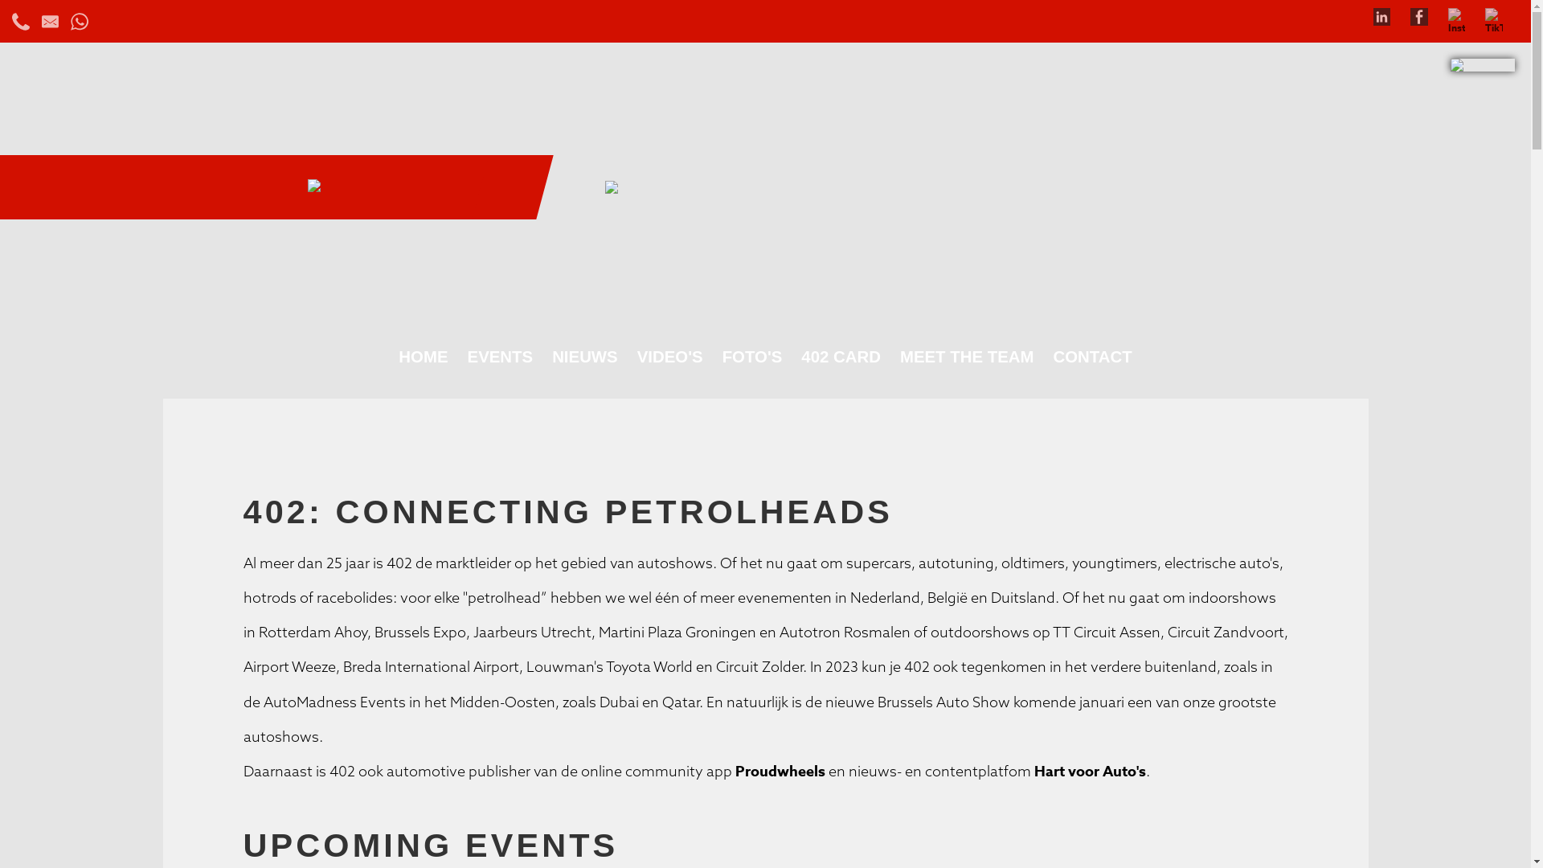 This screenshot has width=1543, height=868. I want to click on 'FOTO'S', so click(751, 356).